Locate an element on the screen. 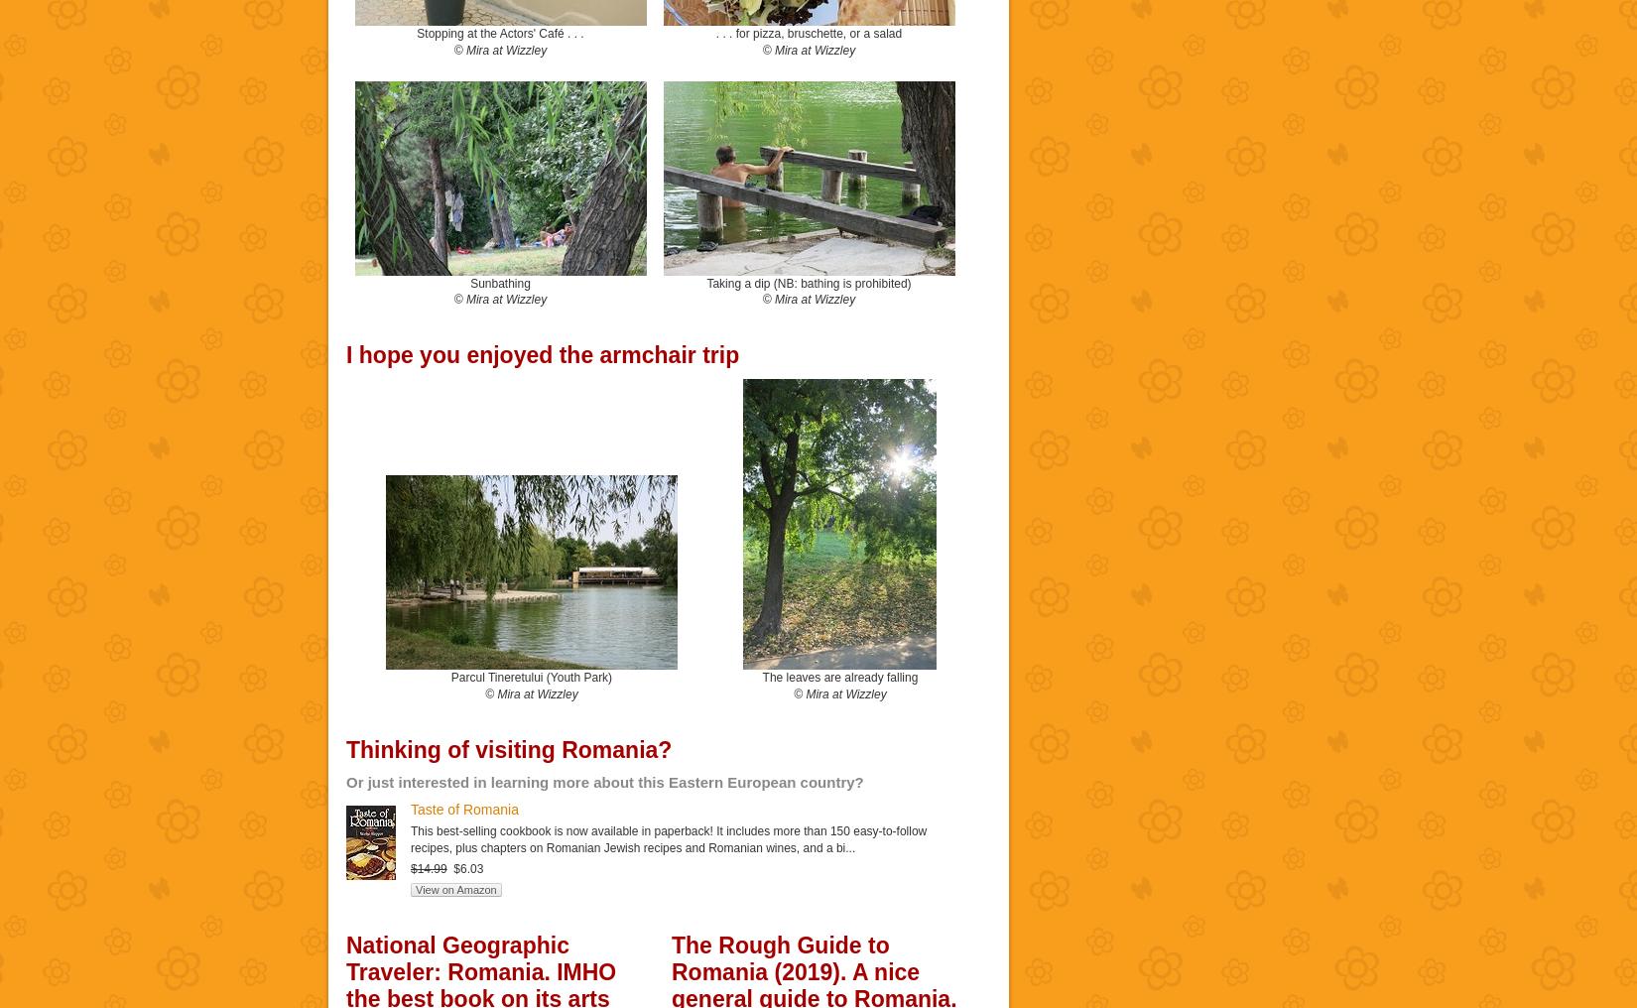 The width and height of the screenshot is (1637, 1008). '. . . for pizza, bruschette, or a salad' is located at coordinates (807, 33).